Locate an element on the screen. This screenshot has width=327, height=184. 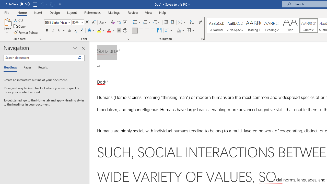
'Can' is located at coordinates (42, 4).